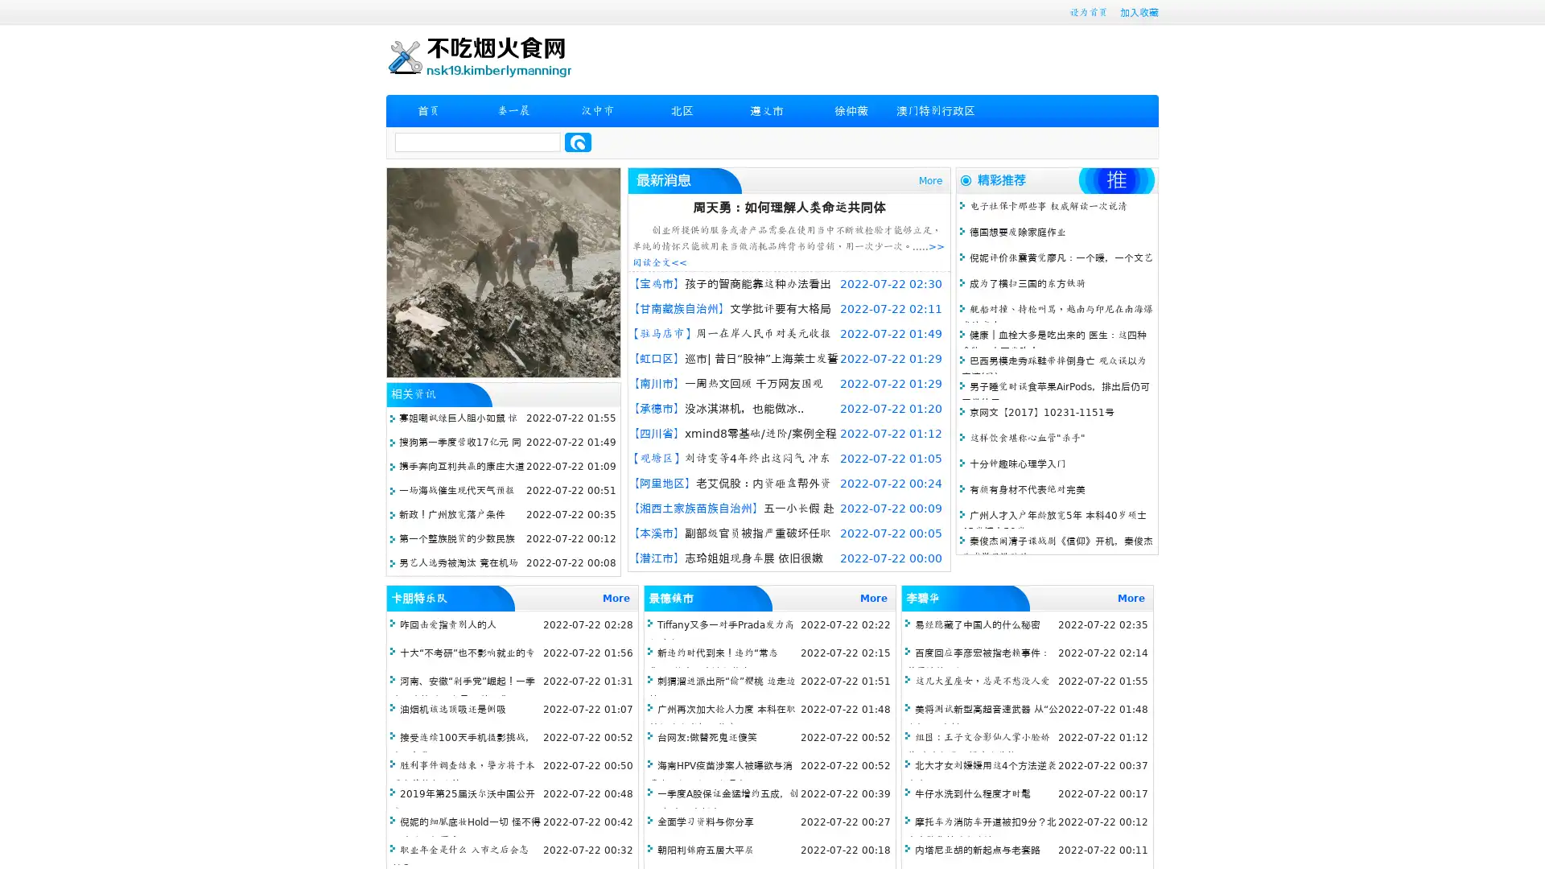 This screenshot has width=1545, height=869. I want to click on Search, so click(578, 142).